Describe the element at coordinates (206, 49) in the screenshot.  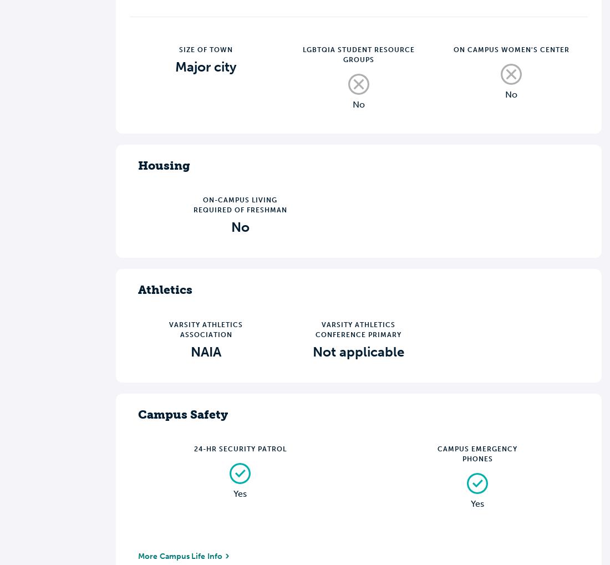
I see `'Size of Town'` at that location.